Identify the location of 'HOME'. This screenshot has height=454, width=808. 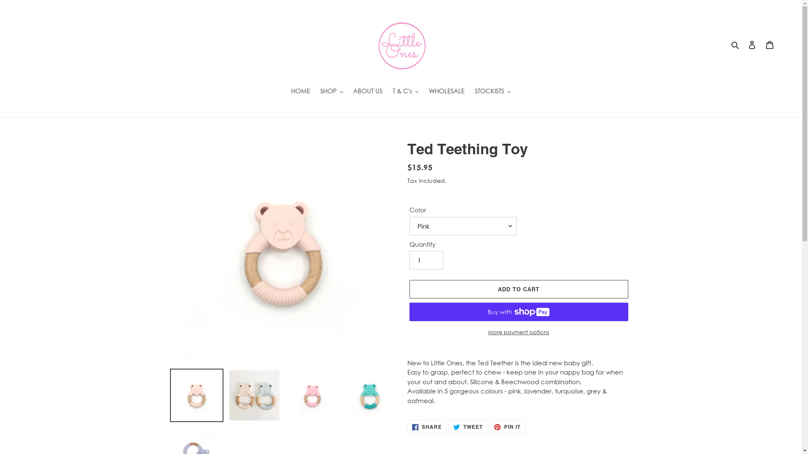
(287, 92).